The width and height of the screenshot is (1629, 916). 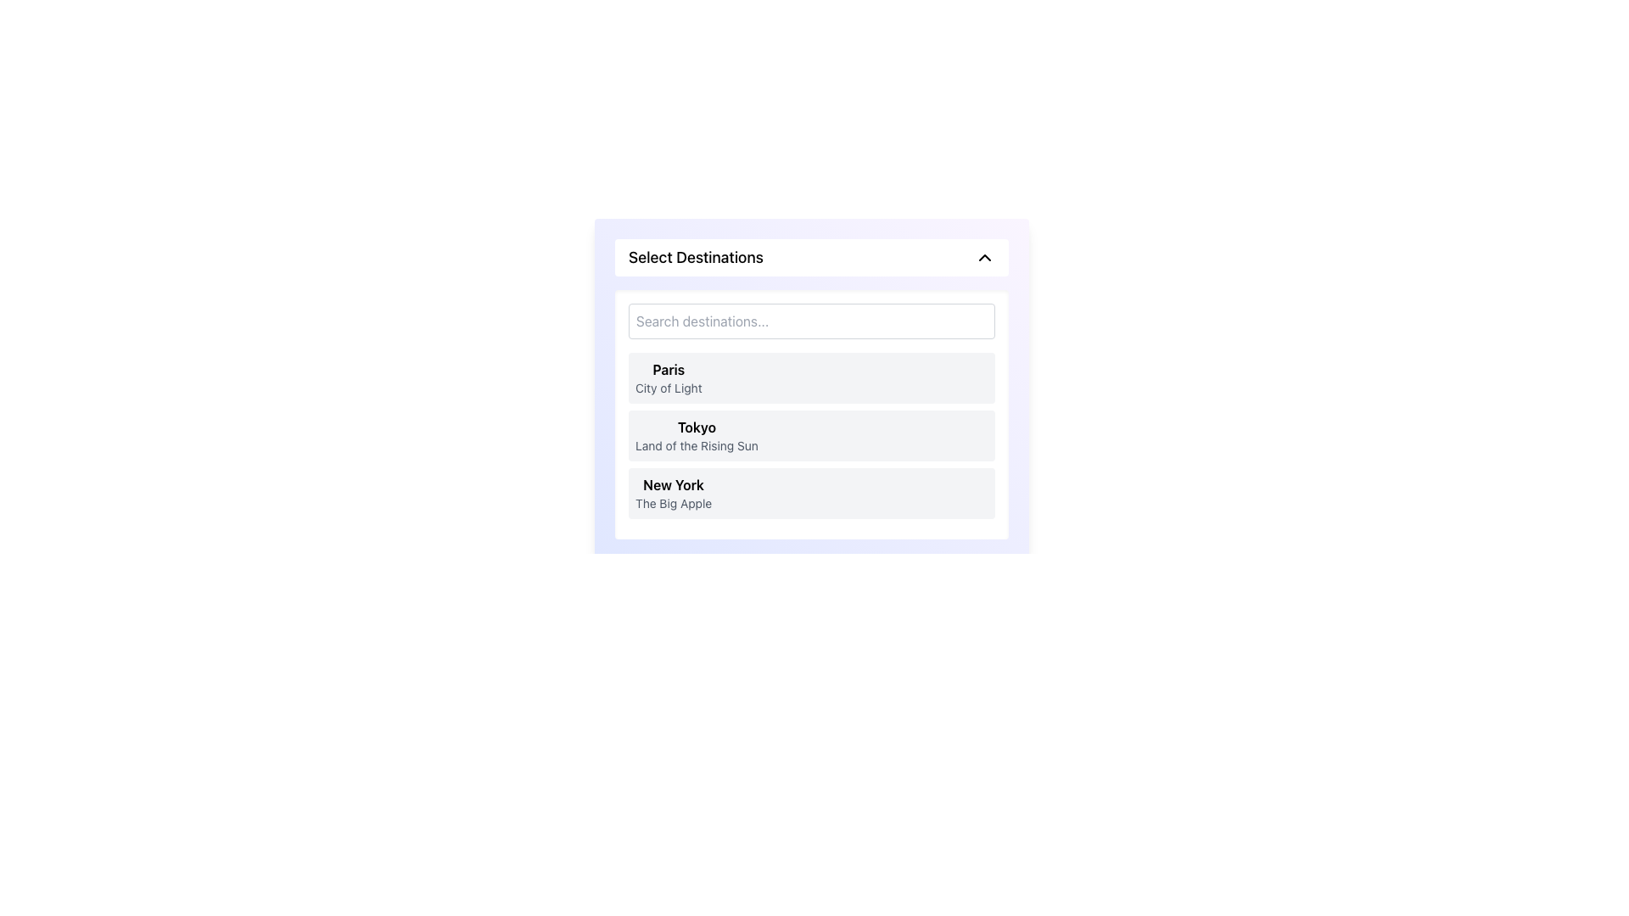 I want to click on the List Item displaying 'Tokyo' which has bolded text and a descriptive phrase, so click(x=697, y=434).